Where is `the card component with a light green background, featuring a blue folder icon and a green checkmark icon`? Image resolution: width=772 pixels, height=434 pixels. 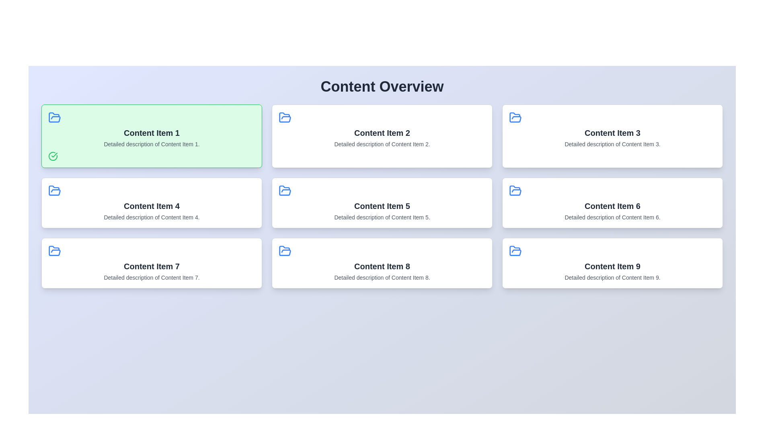
the card component with a light green background, featuring a blue folder icon and a green checkmark icon is located at coordinates (152, 136).